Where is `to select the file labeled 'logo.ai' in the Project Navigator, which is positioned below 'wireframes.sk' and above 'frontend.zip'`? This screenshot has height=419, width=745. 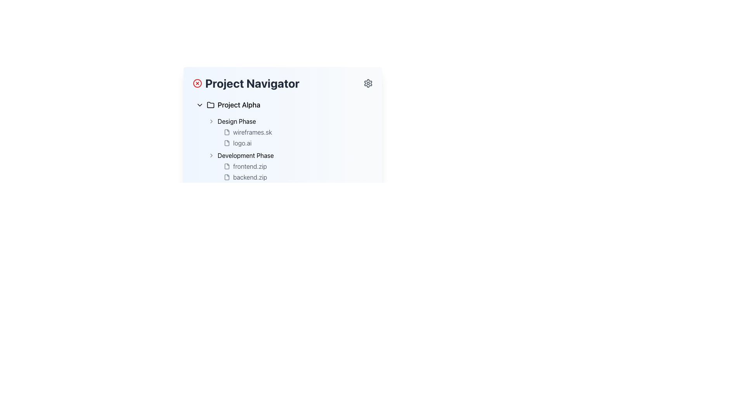
to select the file labeled 'logo.ai' in the Project Navigator, which is positioned below 'wireframes.sk' and above 'frontend.zip' is located at coordinates (296, 143).